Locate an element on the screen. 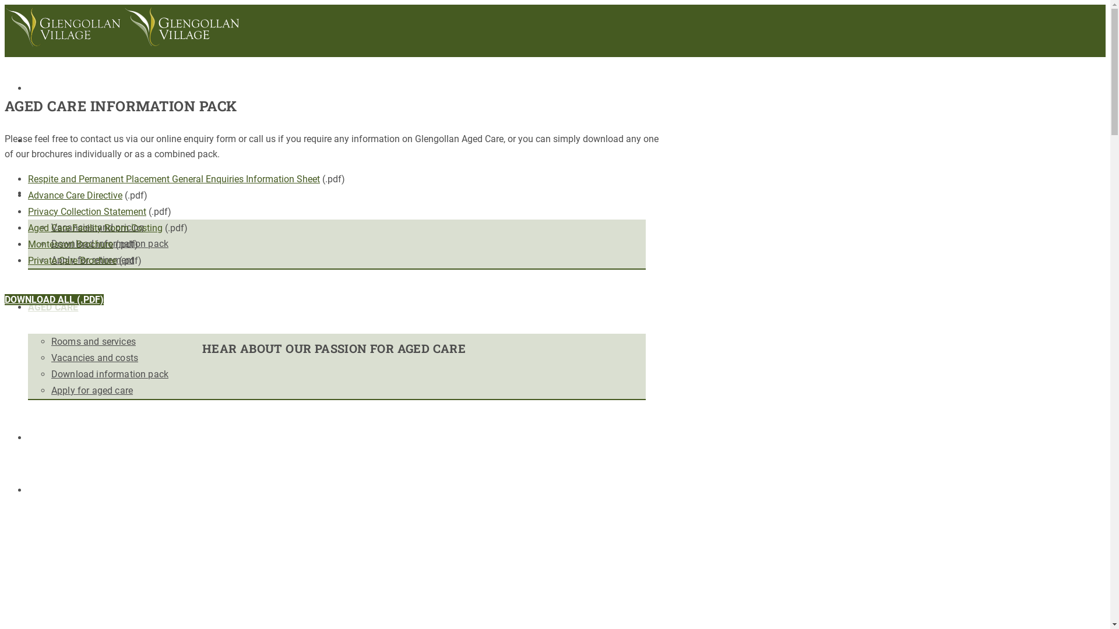 The width and height of the screenshot is (1119, 629). 'HOME' is located at coordinates (41, 87).